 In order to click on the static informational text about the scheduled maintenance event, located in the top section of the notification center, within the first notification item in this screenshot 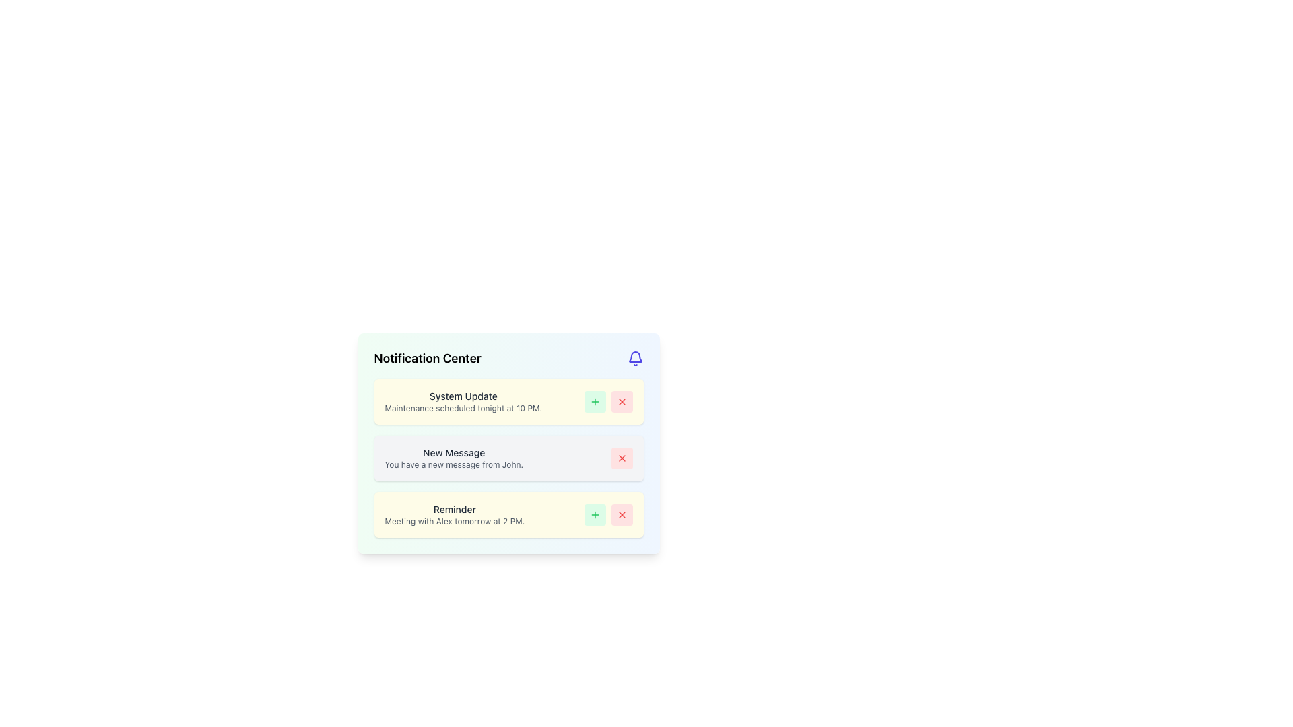, I will do `click(463, 401)`.